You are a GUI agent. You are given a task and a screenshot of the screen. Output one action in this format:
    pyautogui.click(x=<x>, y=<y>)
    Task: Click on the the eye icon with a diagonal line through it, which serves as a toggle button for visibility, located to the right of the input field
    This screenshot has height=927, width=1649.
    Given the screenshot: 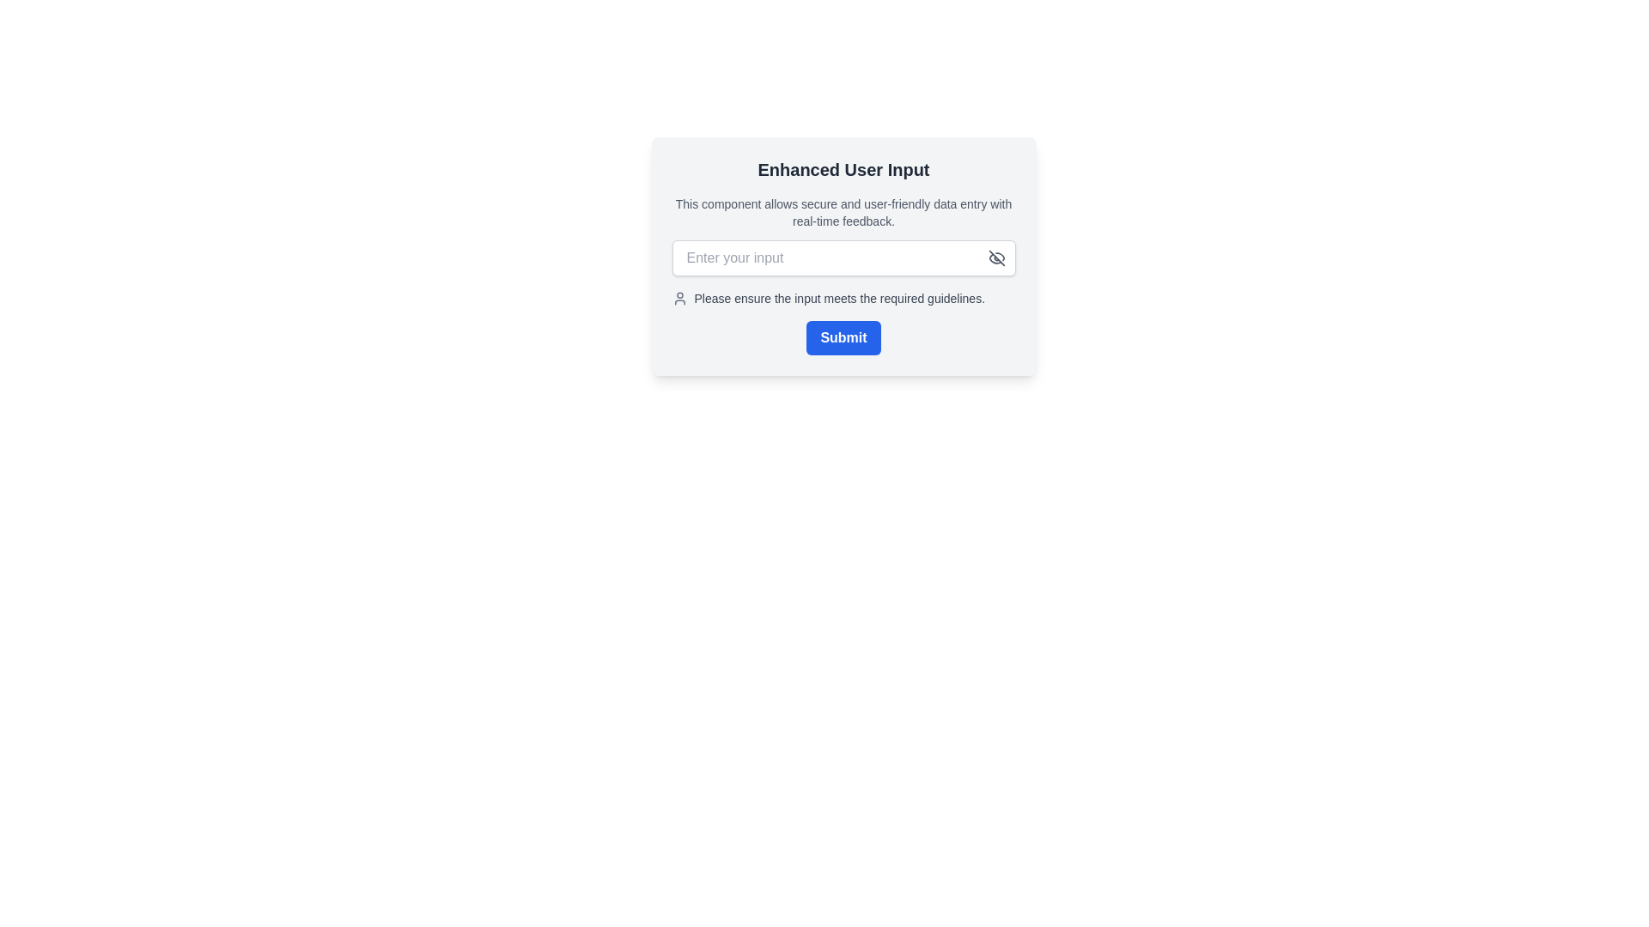 What is the action you would take?
    pyautogui.click(x=996, y=257)
    